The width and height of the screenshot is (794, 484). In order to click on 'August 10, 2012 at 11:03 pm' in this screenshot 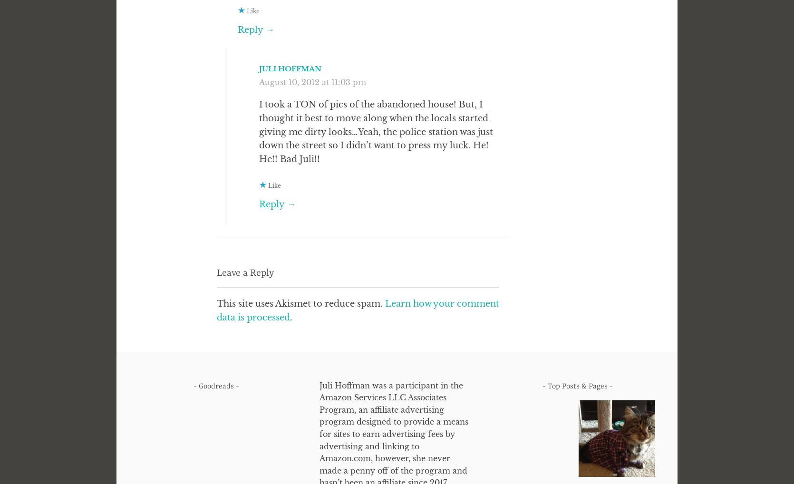, I will do `click(312, 82)`.